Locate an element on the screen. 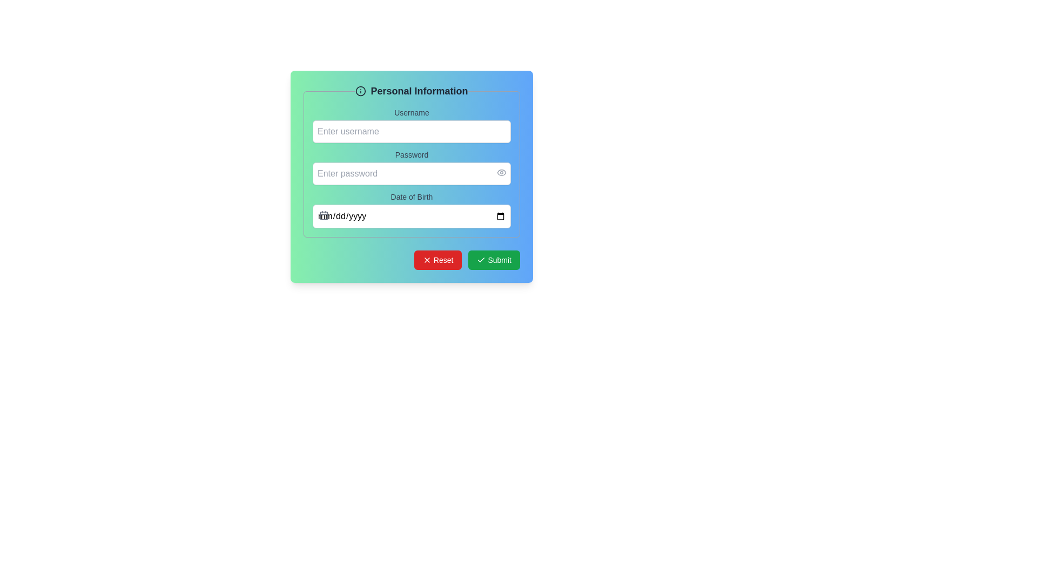  the button that toggles the visibility of the password in the input field to switch between obscured and plain text modes is located at coordinates (501, 172).